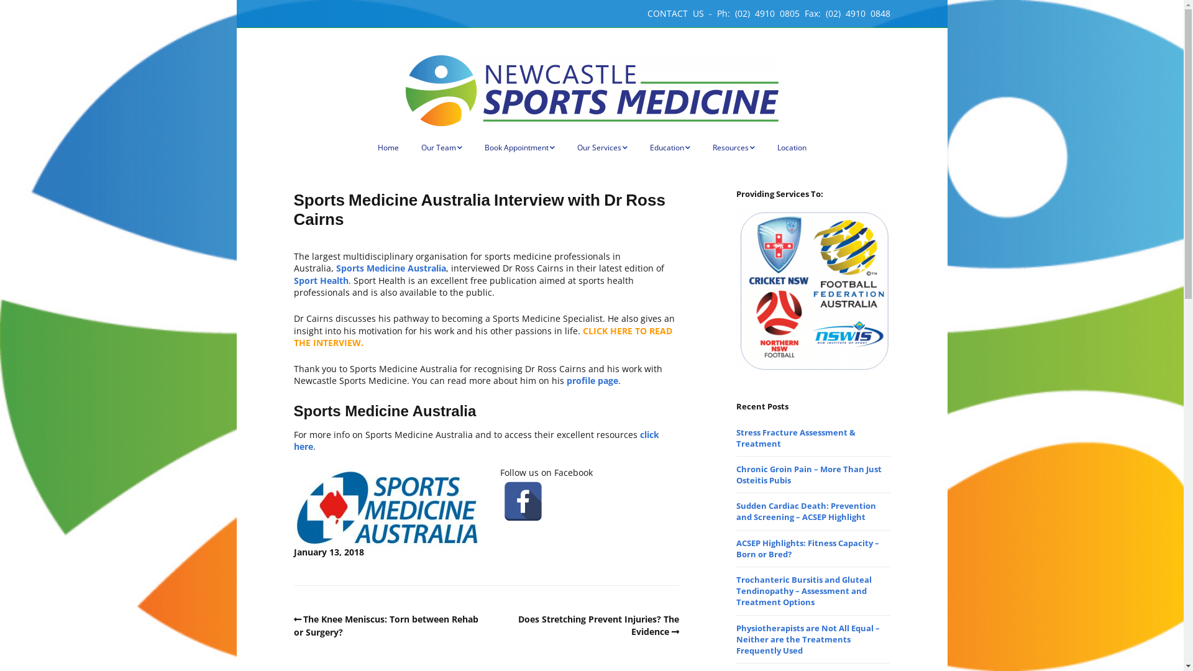  I want to click on 'Location', so click(790, 147).